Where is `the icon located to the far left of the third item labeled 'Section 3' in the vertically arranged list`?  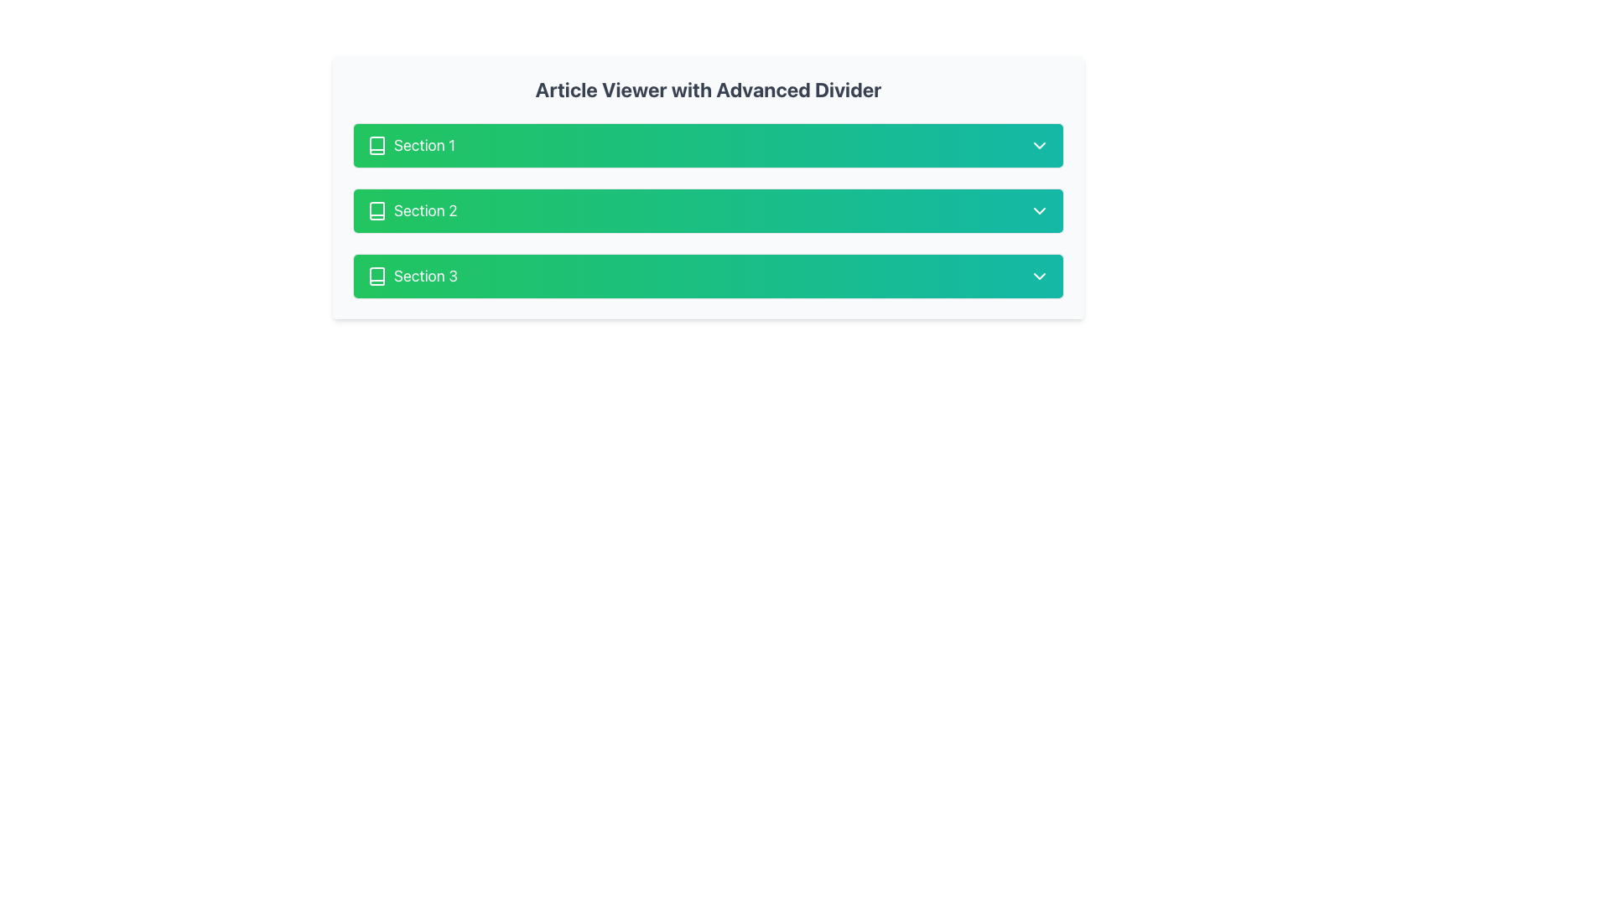 the icon located to the far left of the third item labeled 'Section 3' in the vertically arranged list is located at coordinates (377, 276).